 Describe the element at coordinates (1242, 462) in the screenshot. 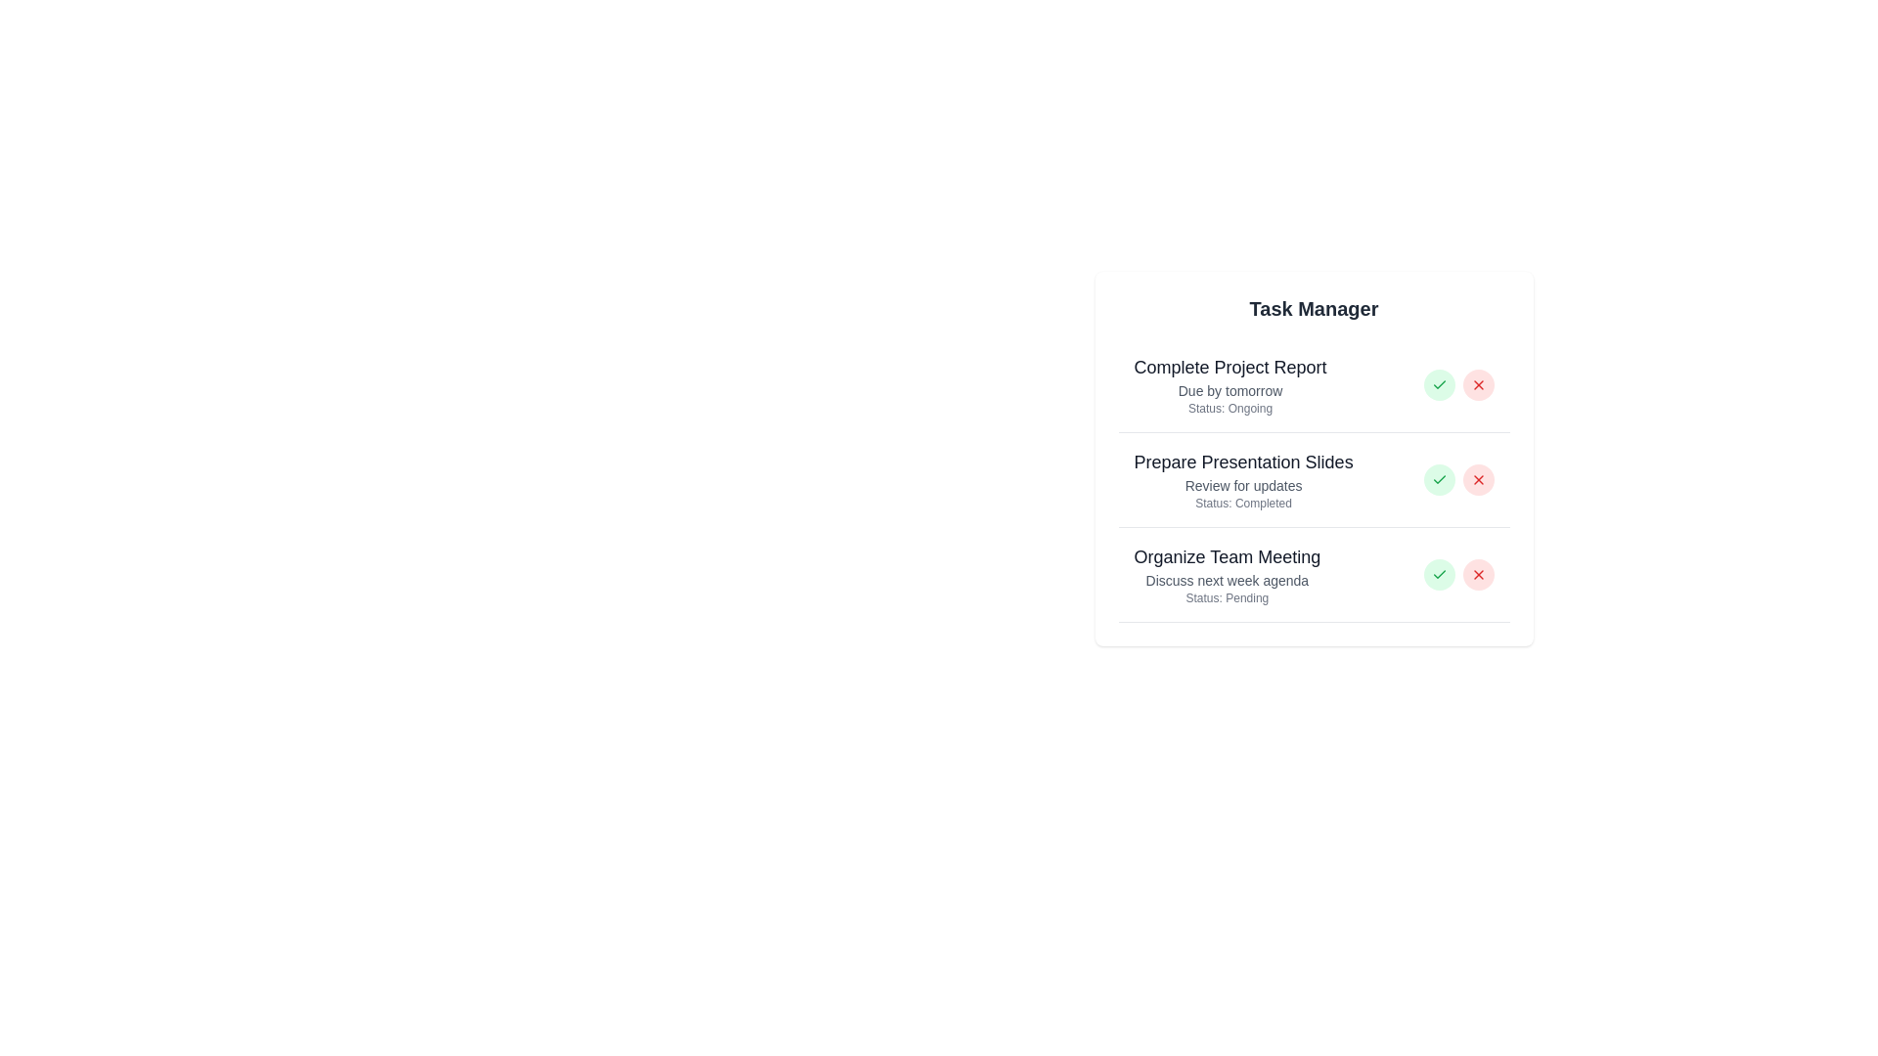

I see `the Text Label that serves as the title of a task in the Task Manager, located between 'Complete Project Report' and 'Organize Team Meeting'` at that location.